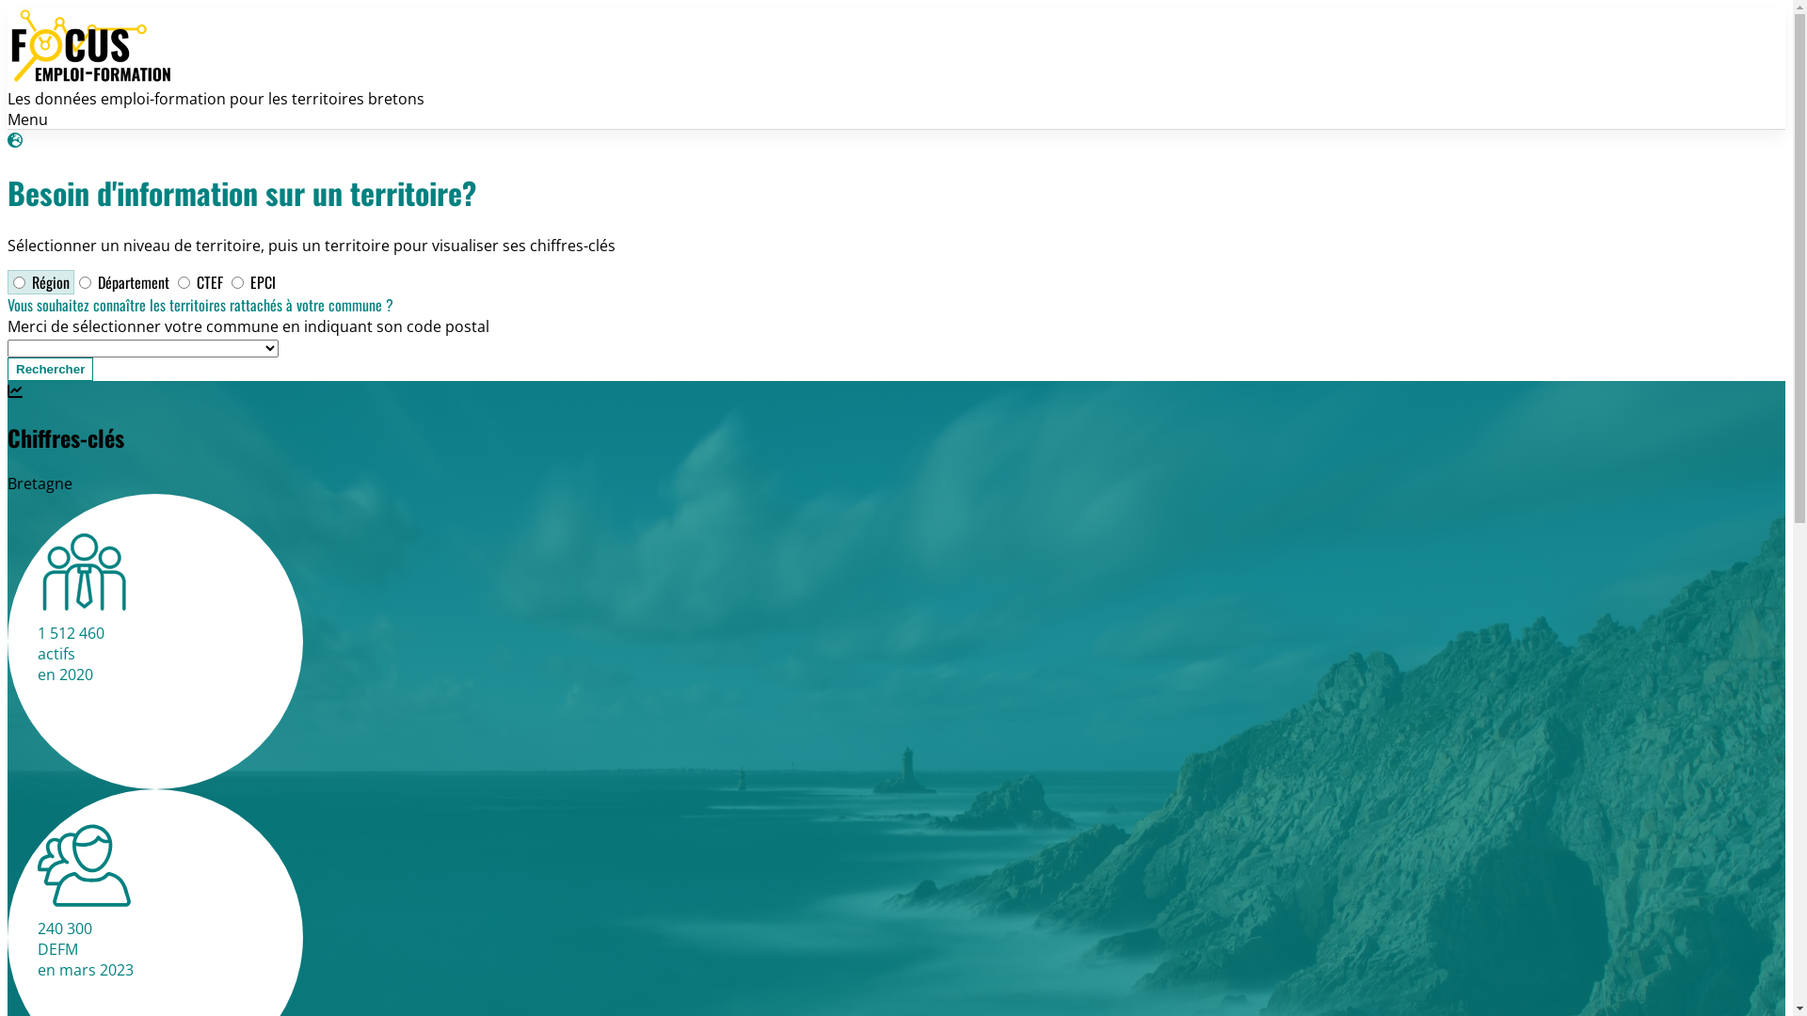 Image resolution: width=1807 pixels, height=1016 pixels. Describe the element at coordinates (50, 369) in the screenshot. I see `'Rechercher'` at that location.